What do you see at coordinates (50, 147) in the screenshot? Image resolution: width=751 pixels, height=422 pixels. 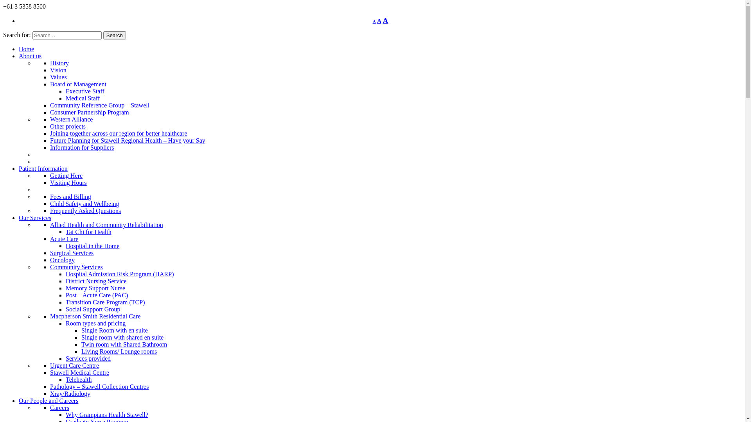 I see `'Information for Suppliers'` at bounding box center [50, 147].